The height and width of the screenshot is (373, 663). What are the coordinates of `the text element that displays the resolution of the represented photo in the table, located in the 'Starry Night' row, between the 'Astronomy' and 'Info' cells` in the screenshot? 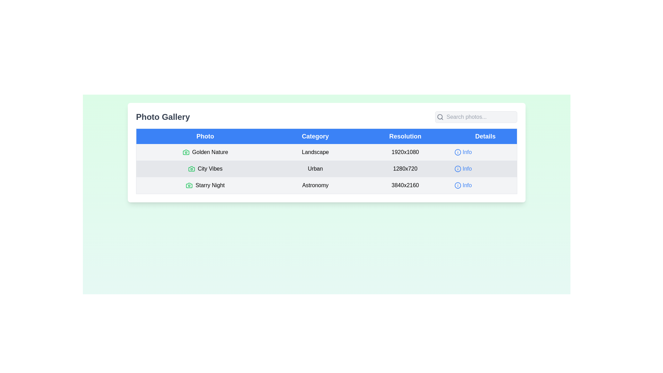 It's located at (405, 185).